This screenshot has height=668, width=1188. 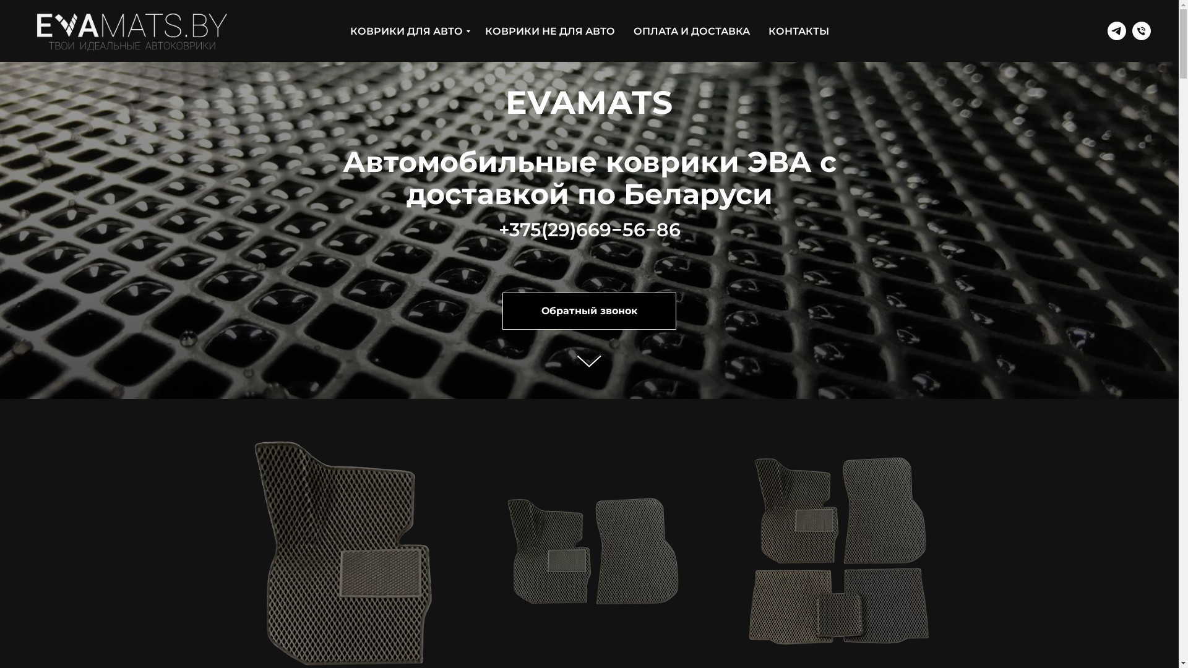 I want to click on 'Telegram', so click(x=1108, y=30).